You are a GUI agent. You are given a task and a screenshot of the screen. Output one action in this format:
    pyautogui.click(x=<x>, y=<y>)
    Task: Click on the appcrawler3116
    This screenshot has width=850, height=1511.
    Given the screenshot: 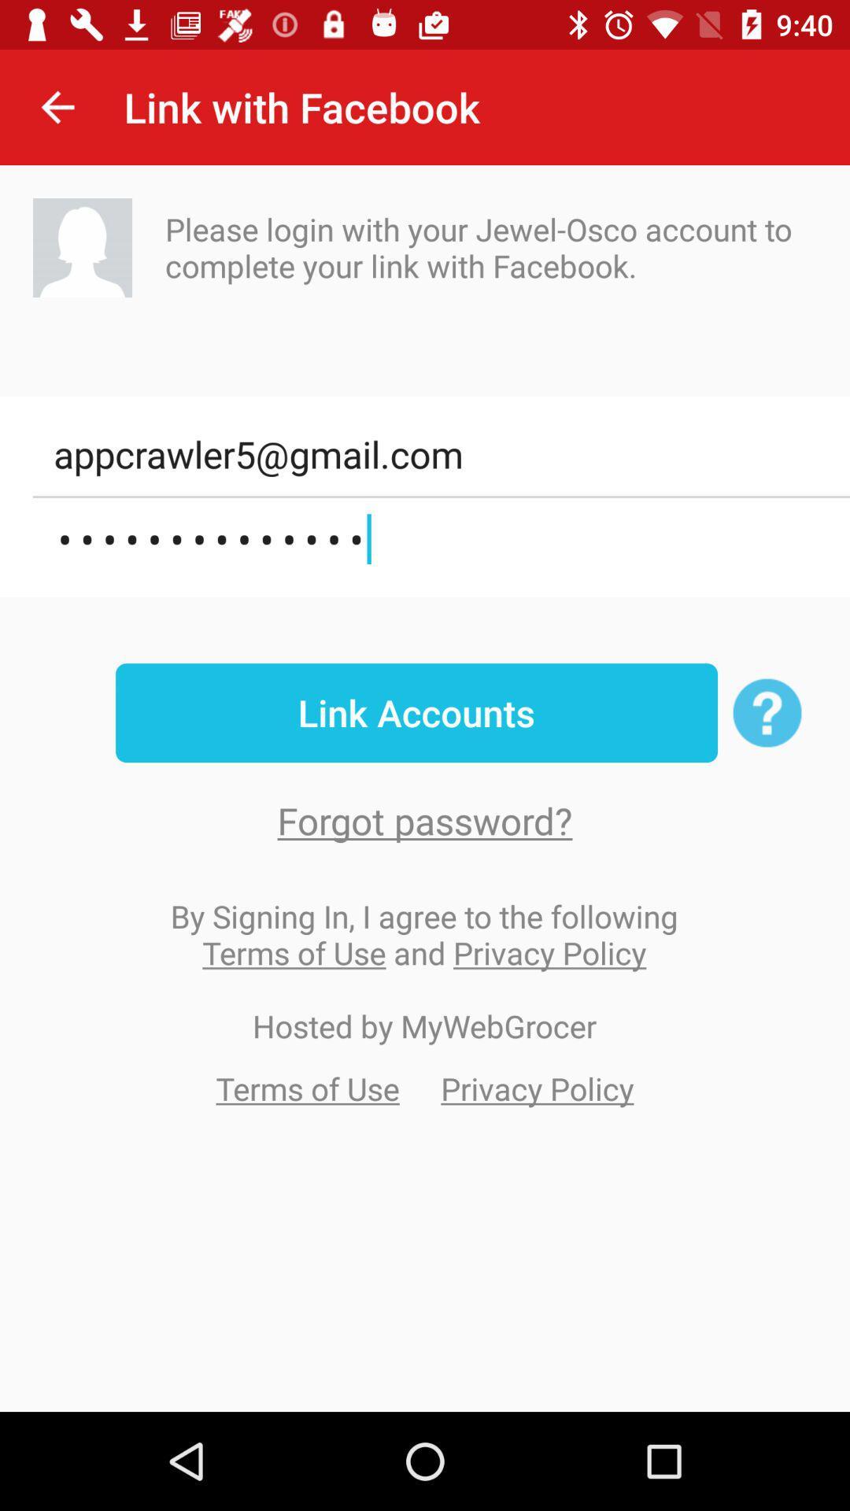 What is the action you would take?
    pyautogui.click(x=441, y=539)
    